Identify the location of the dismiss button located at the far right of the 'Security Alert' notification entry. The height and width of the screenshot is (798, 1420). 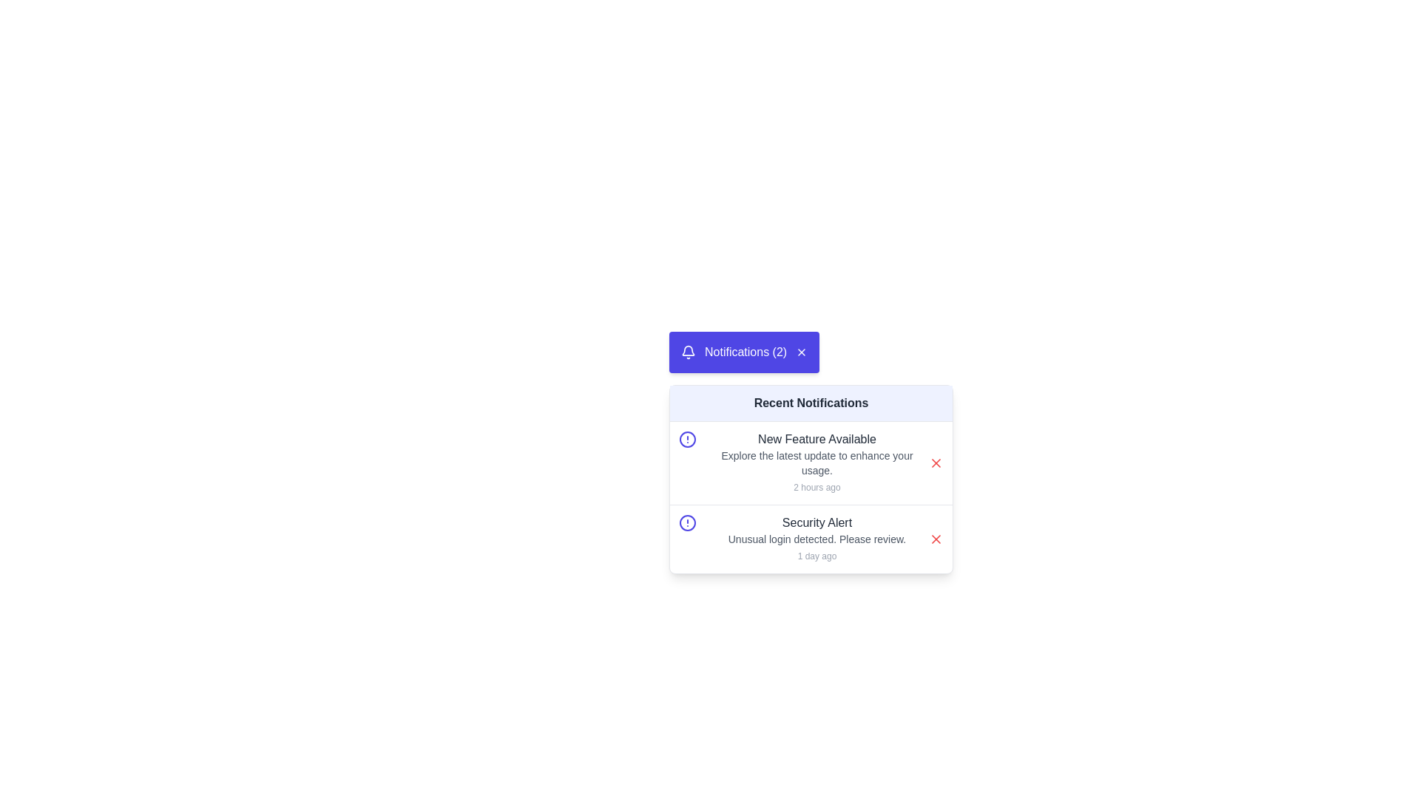
(936, 539).